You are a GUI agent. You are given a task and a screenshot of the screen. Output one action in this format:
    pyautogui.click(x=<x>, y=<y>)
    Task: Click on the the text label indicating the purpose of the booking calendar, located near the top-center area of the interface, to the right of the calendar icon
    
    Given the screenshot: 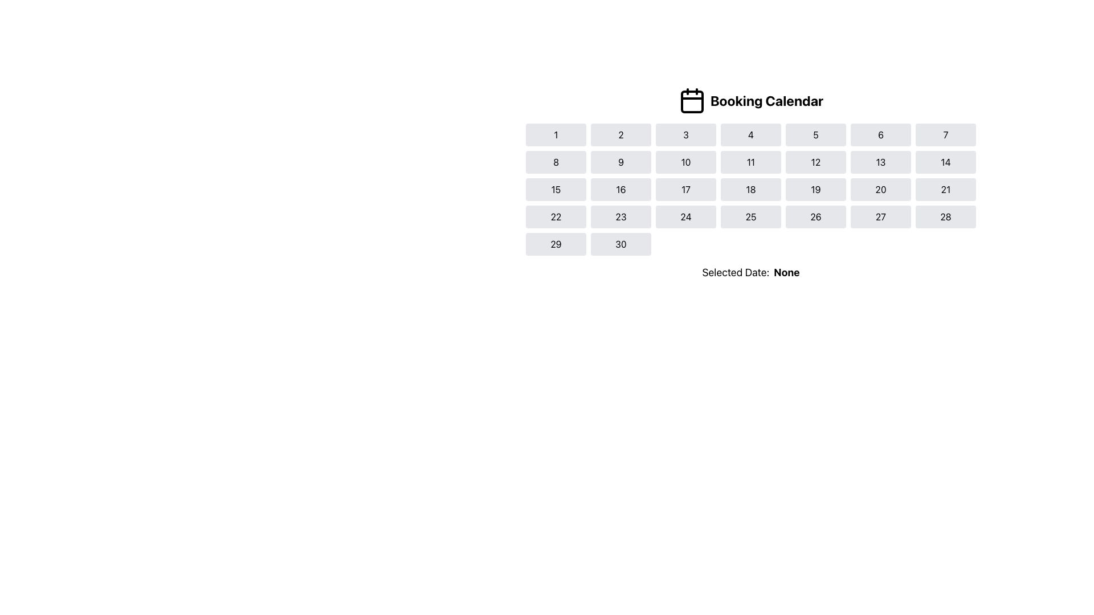 What is the action you would take?
    pyautogui.click(x=766, y=100)
    